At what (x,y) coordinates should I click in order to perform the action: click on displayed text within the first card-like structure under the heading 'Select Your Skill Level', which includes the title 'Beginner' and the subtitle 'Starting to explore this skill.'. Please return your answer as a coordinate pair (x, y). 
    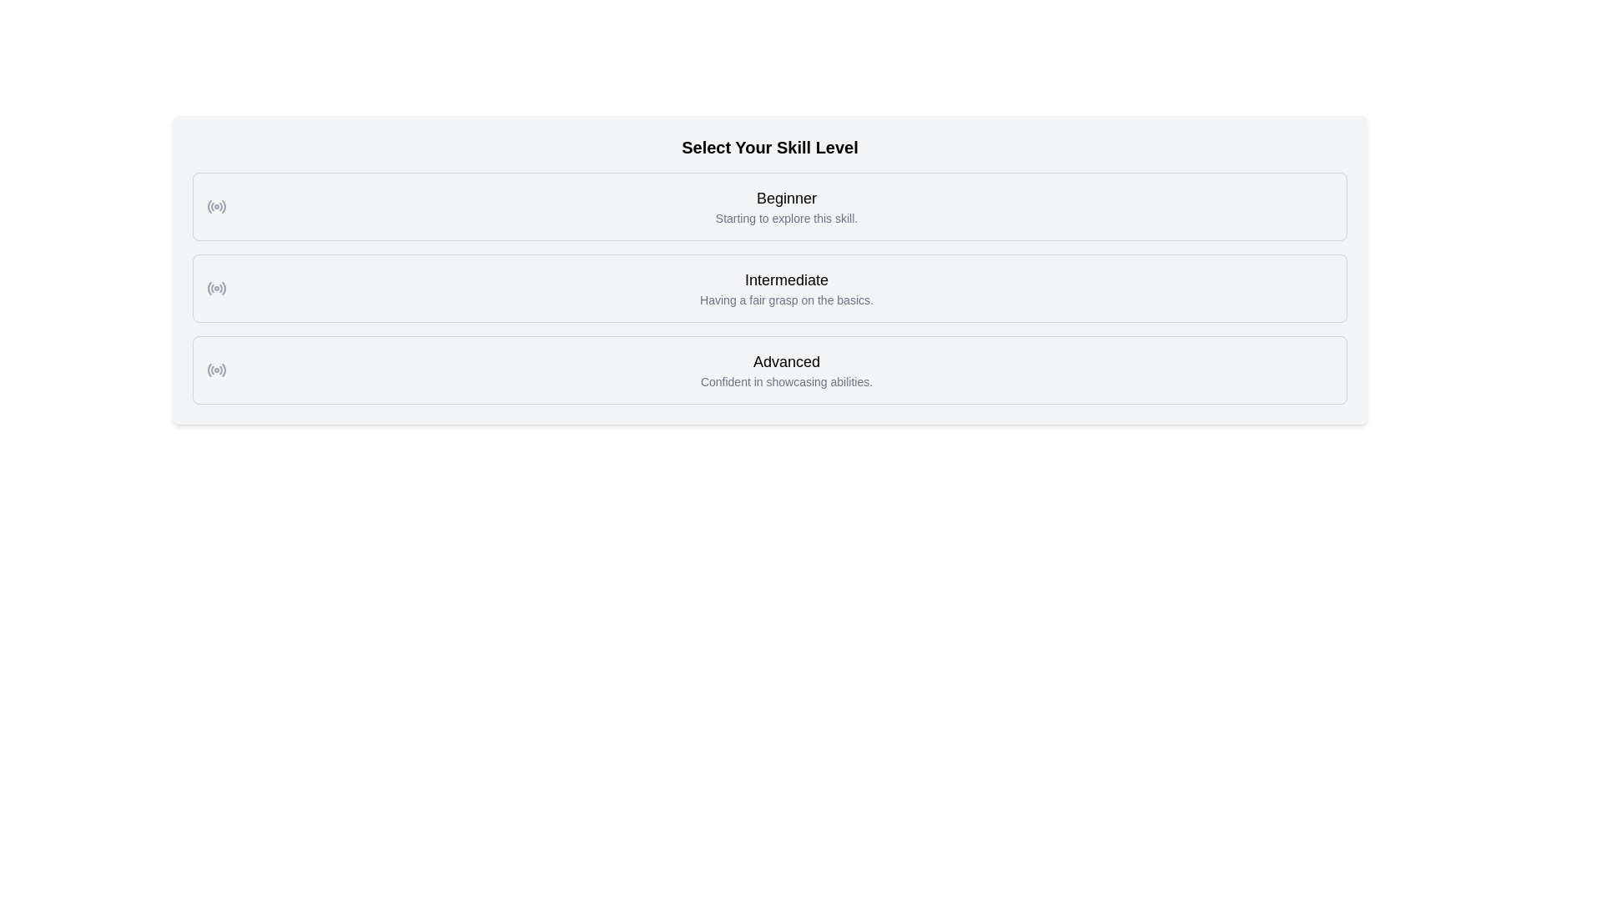
    Looking at the image, I should click on (785, 205).